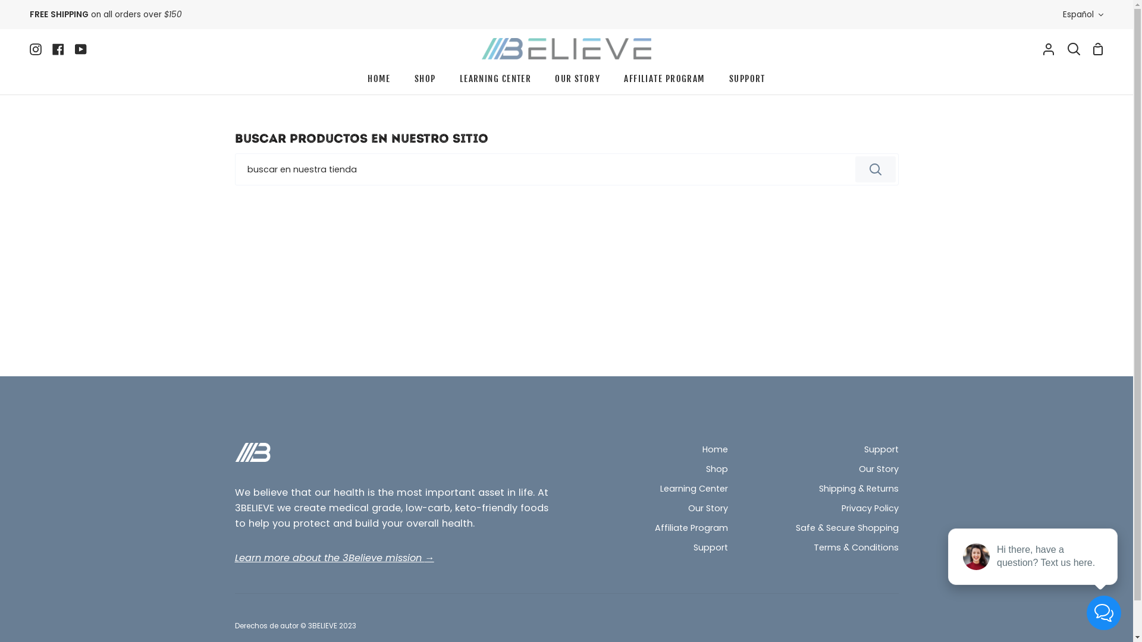 The width and height of the screenshot is (1142, 642). I want to click on 'Shop', so click(716, 469).